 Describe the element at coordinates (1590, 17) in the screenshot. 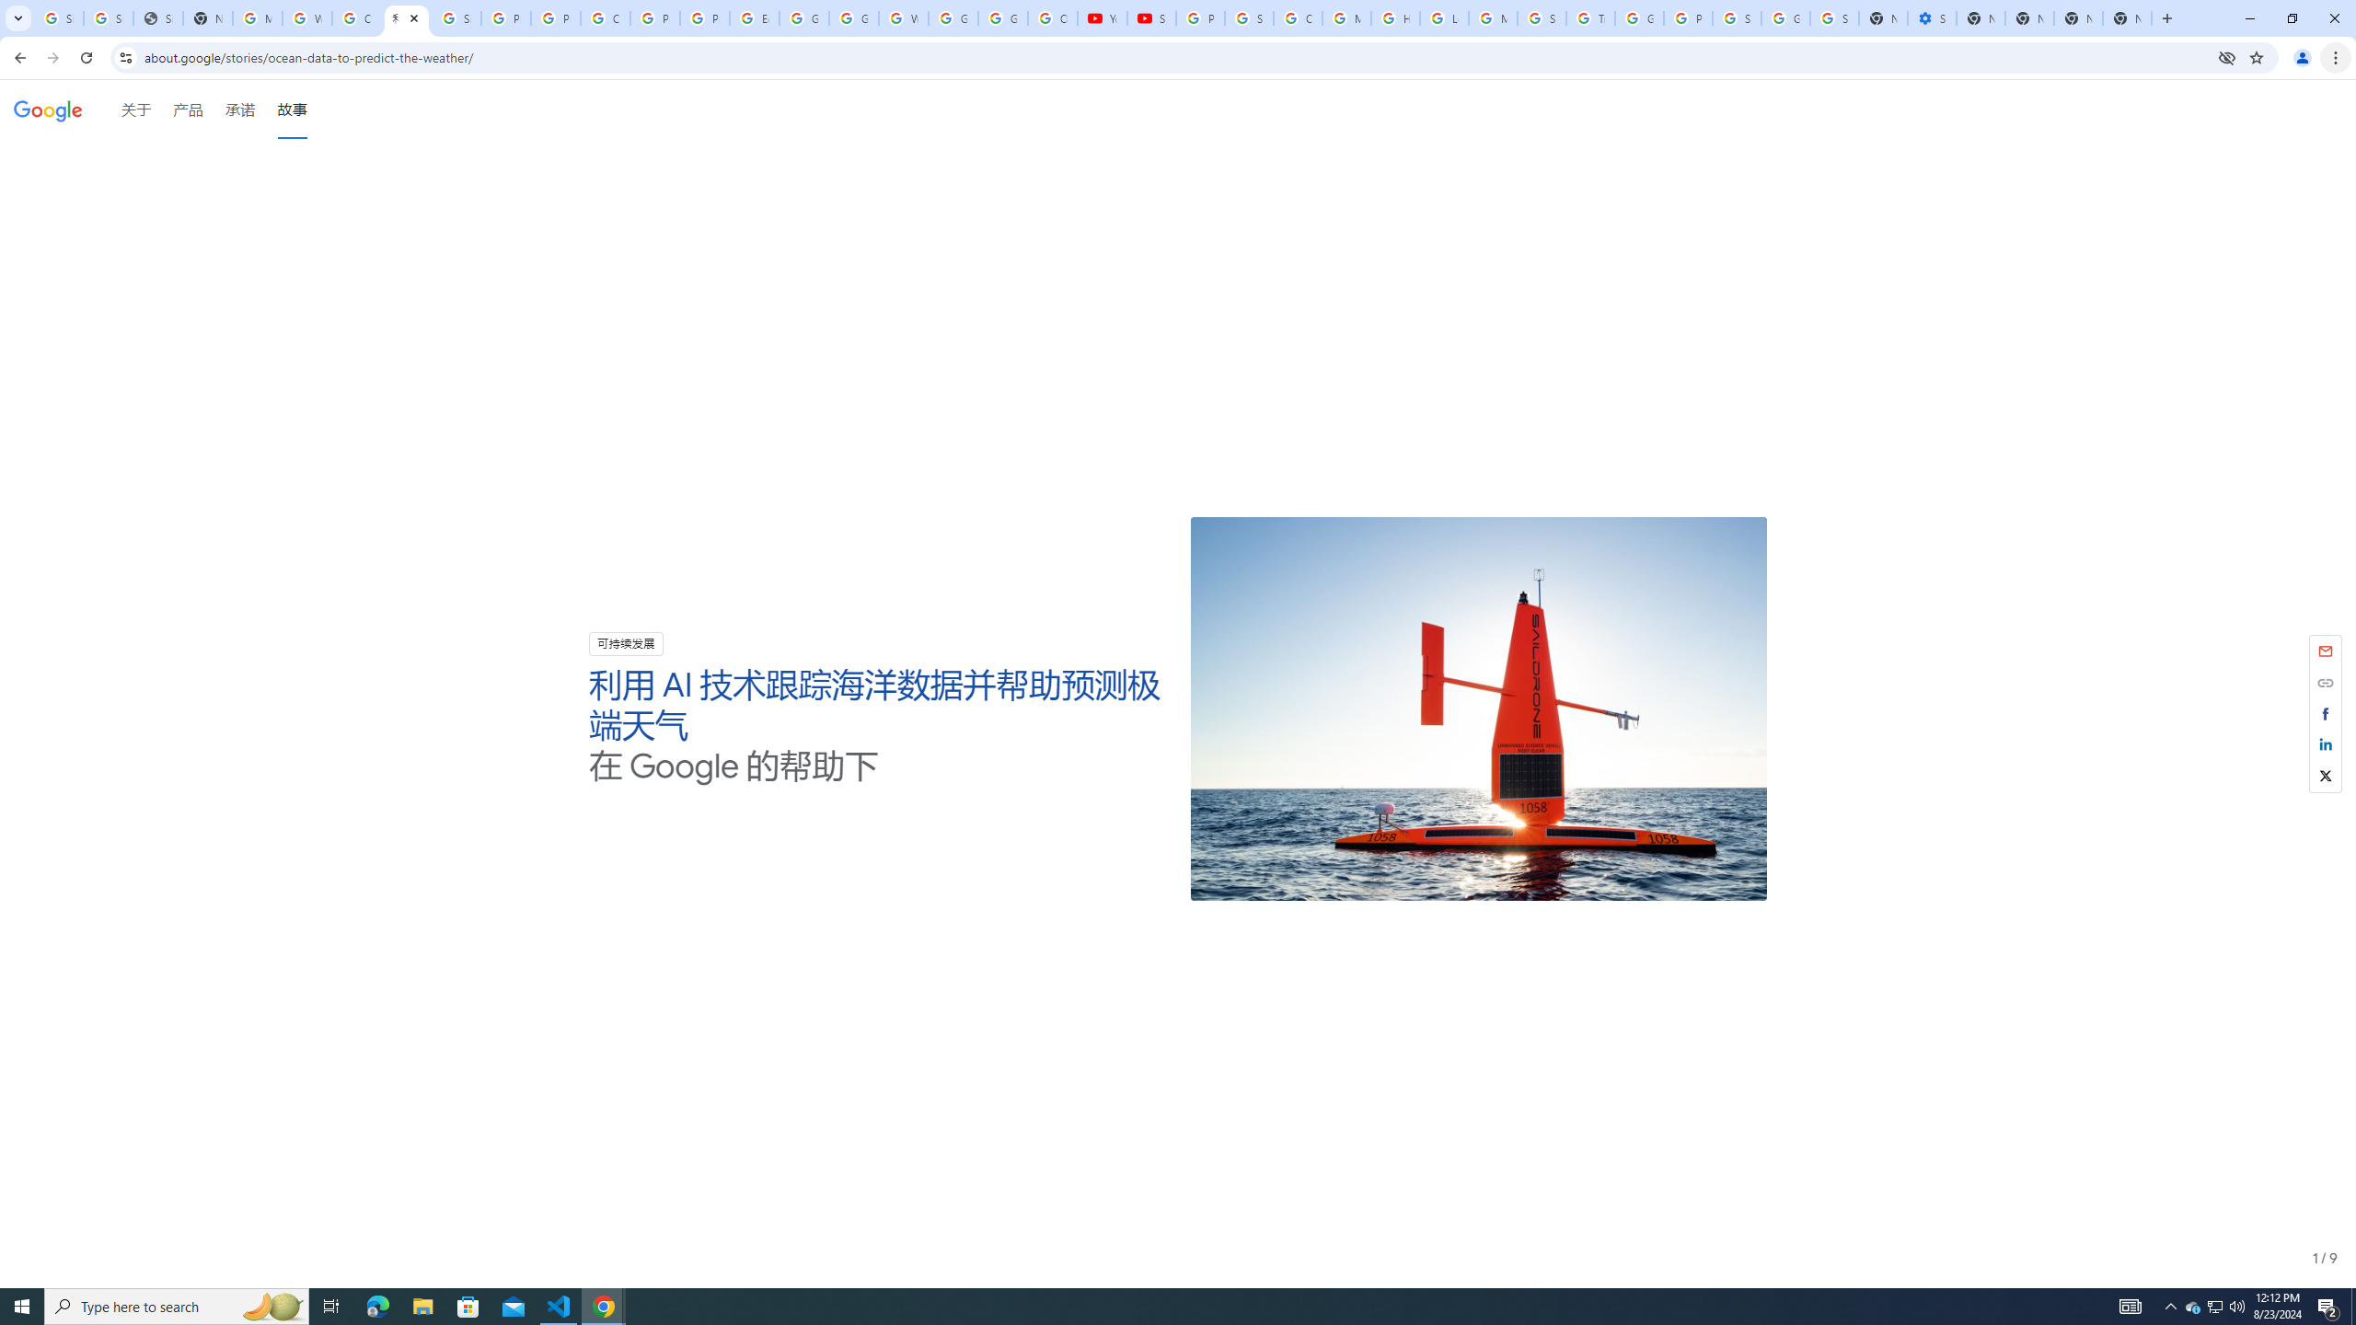

I see `'Trusted Information and Content - Google Safety Center'` at that location.